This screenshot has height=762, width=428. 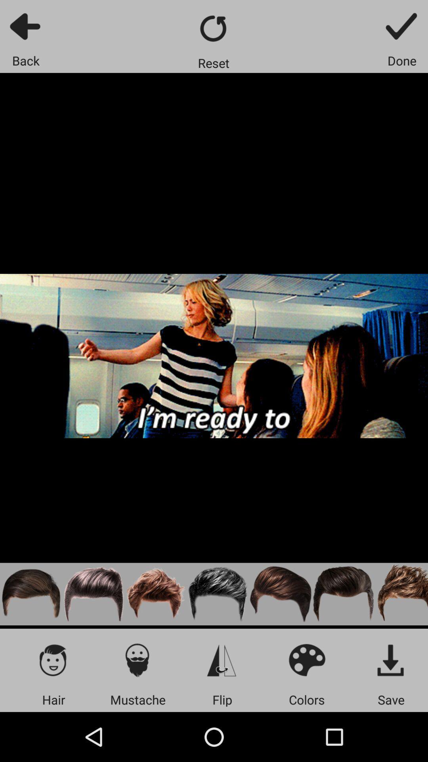 I want to click on mustache to image, so click(x=137, y=660).